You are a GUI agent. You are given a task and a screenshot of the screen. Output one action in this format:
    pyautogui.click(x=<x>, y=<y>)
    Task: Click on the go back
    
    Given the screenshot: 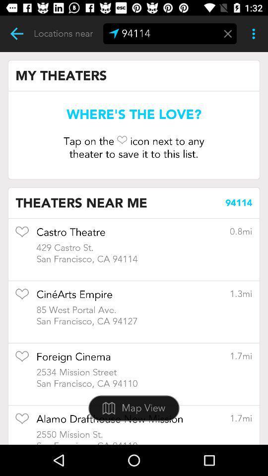 What is the action you would take?
    pyautogui.click(x=16, y=34)
    